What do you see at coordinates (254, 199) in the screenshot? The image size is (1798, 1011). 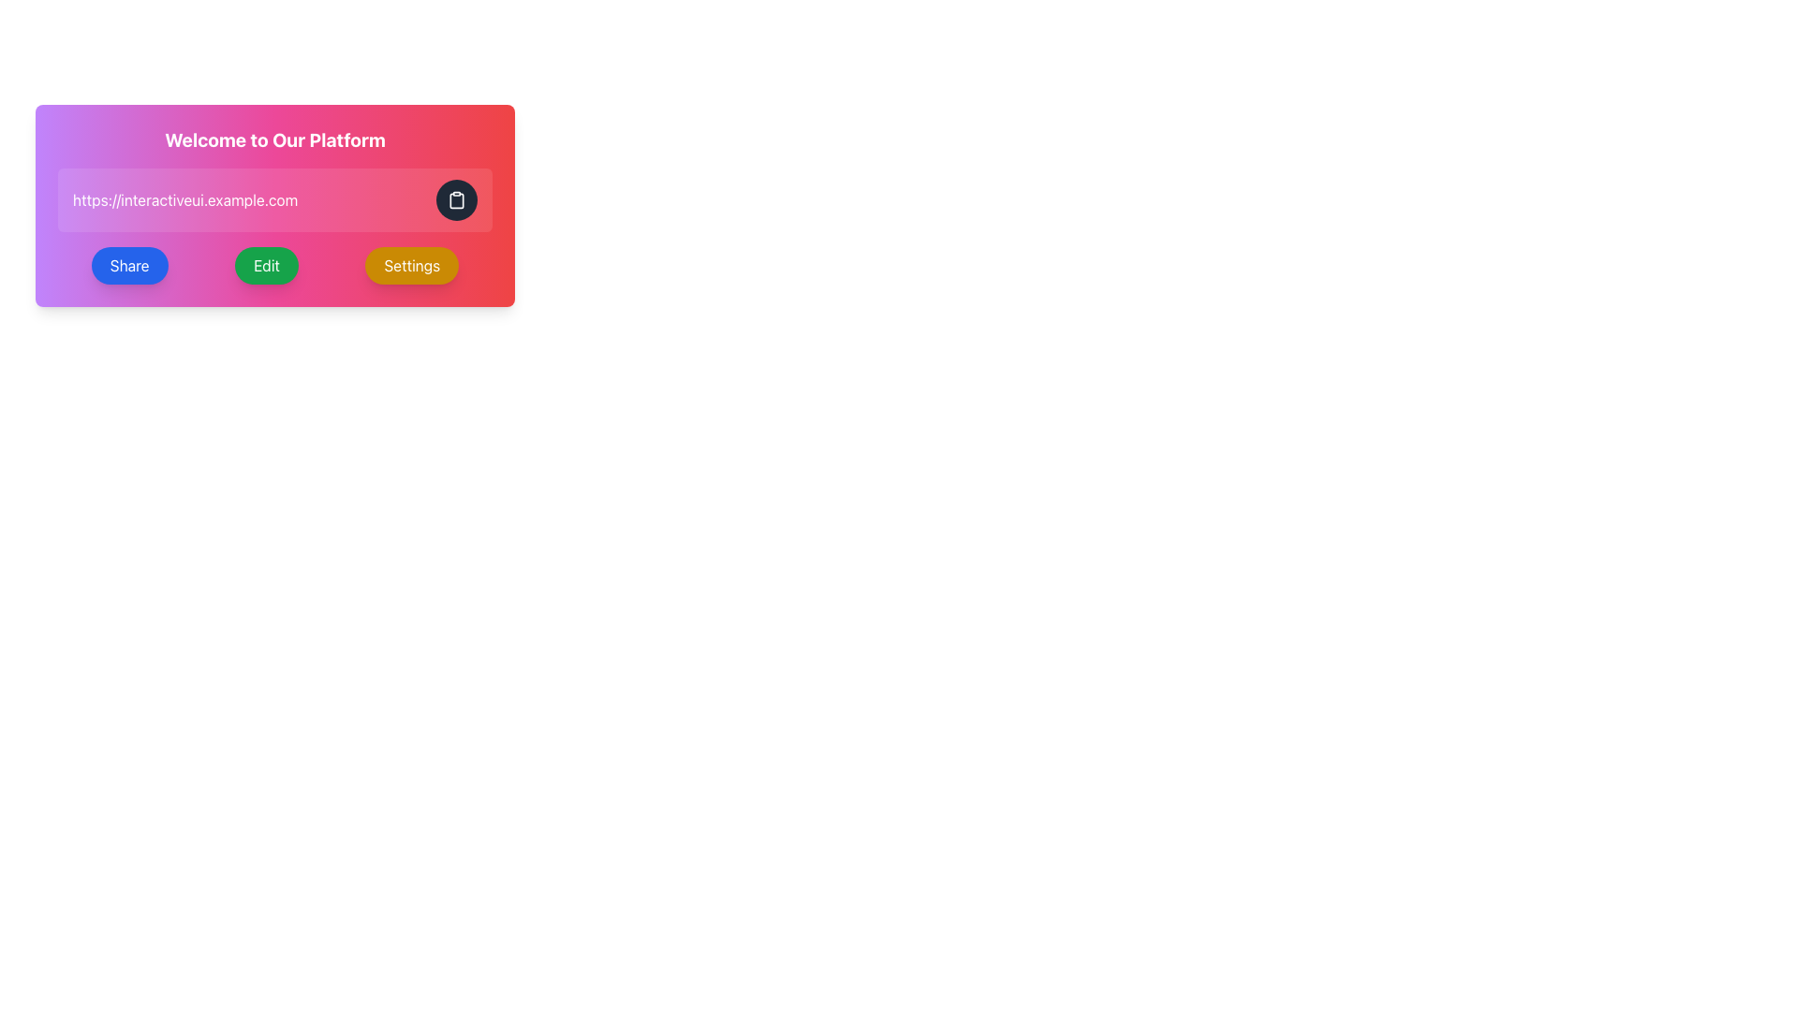 I see `on the single-line text input field containing the URL 'https://interactiveui.example.com'` at bounding box center [254, 199].